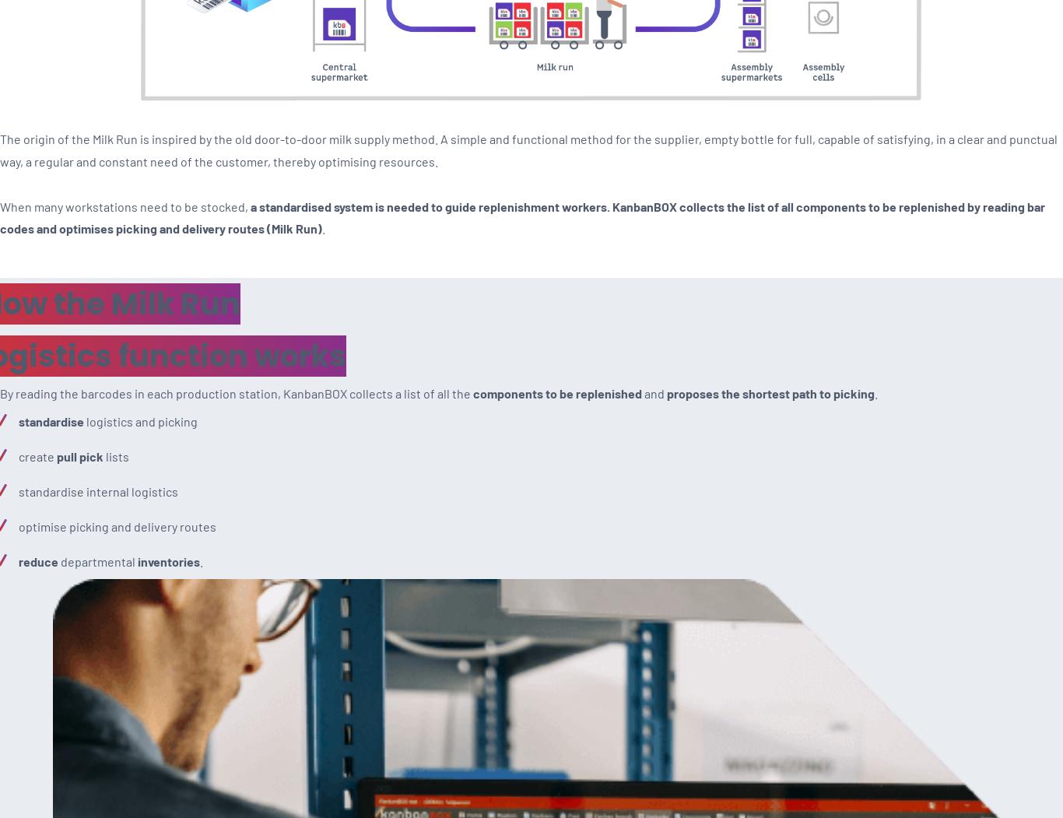 The height and width of the screenshot is (818, 1063). I want to click on 'Contact the Help Desk', so click(83, 627).